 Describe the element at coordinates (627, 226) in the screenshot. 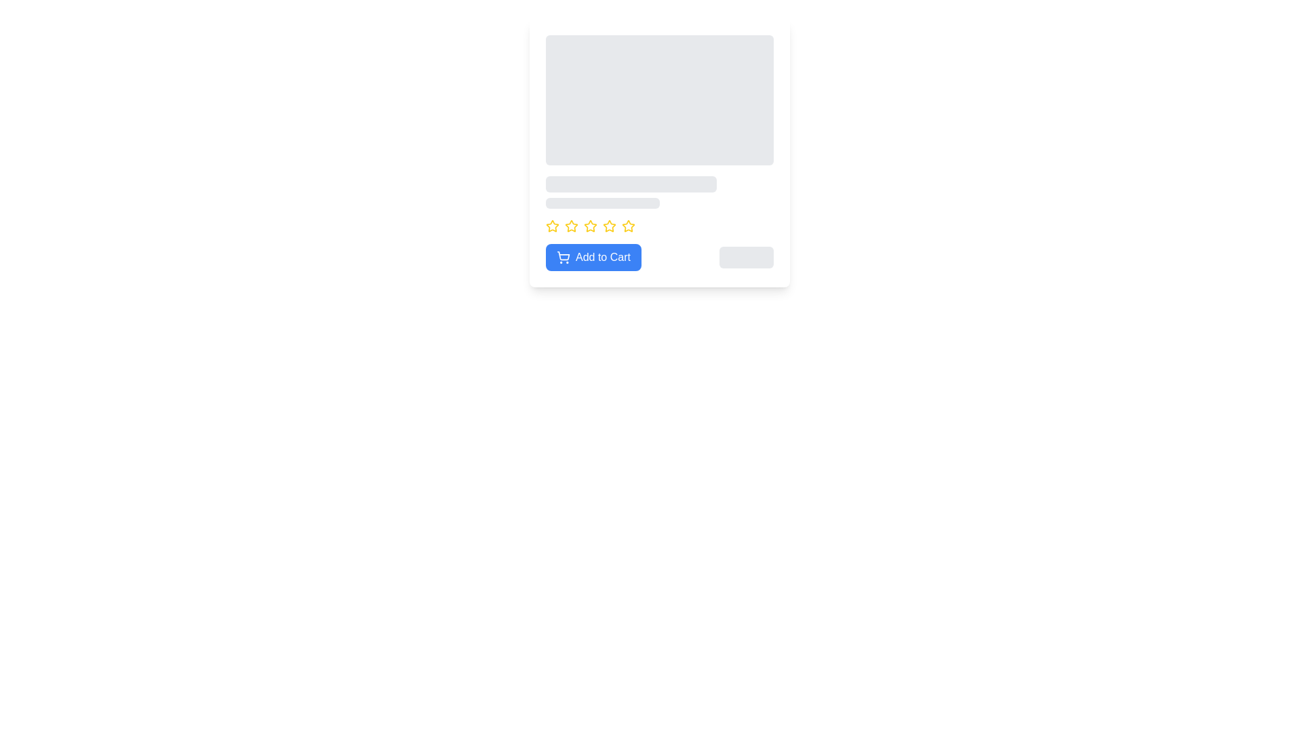

I see `the last star icon in the horizontal row of nine yellow stars` at that location.